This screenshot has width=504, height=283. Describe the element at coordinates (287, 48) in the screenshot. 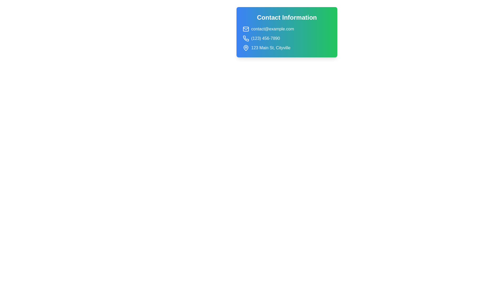

I see `the row containing the location pin icon and the address '123 Main St, Cityville', which is the third and bottommost row of contact details` at that location.